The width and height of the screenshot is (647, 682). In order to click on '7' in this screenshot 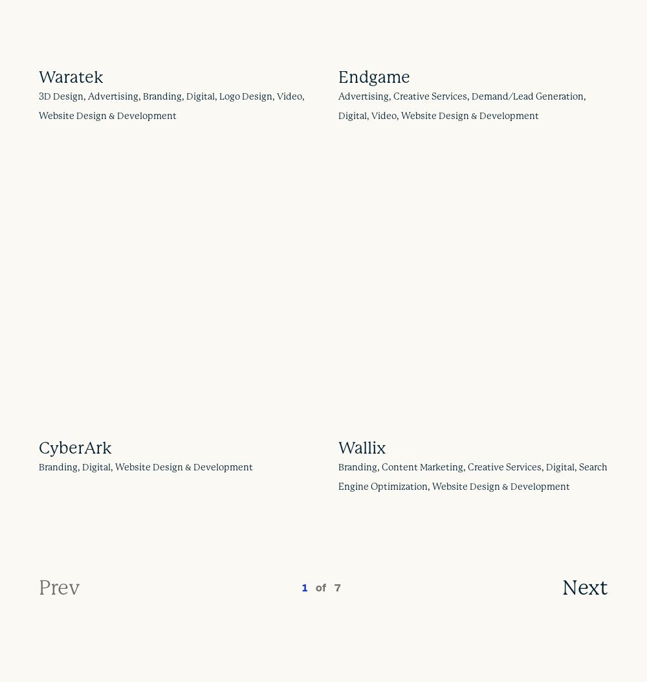, I will do `click(337, 586)`.